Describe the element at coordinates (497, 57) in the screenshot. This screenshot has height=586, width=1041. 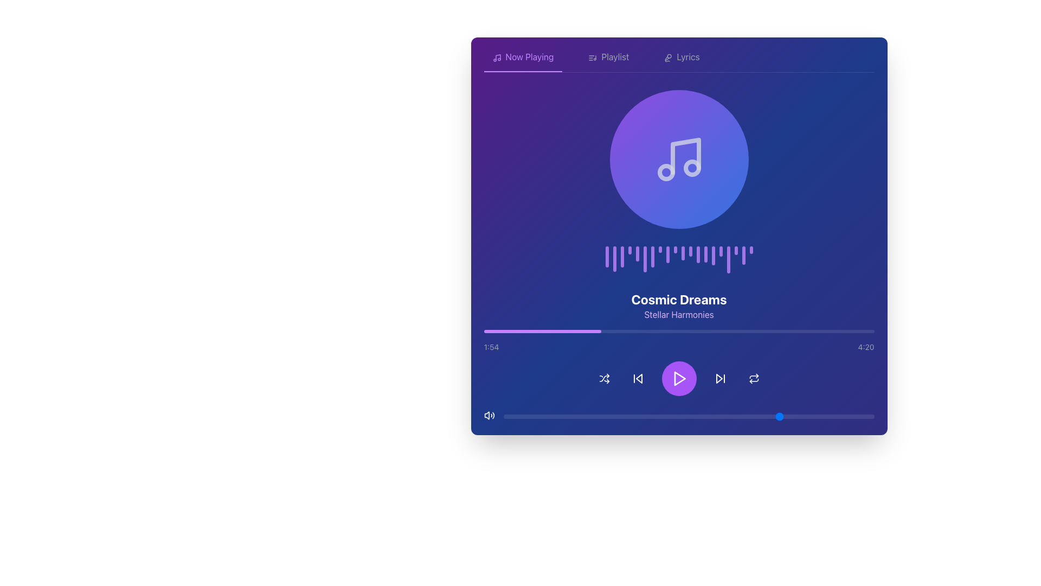
I see `the decorative SVG icon representing the 'Now Playing' section in the top-left corner of the music interface` at that location.